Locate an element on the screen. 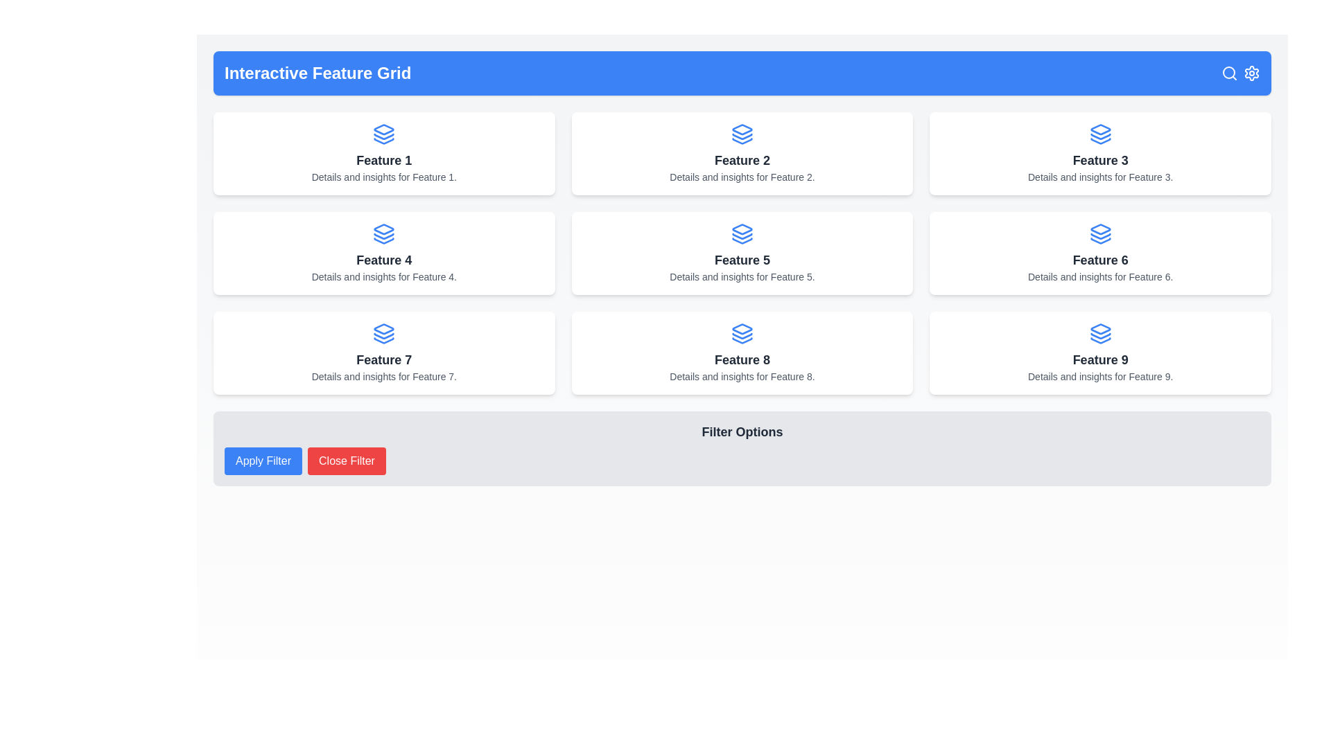  the middle layer of the 'Feature 8' tile, which is a decorative vector graphic enhancing its visual presentation is located at coordinates (741, 336).